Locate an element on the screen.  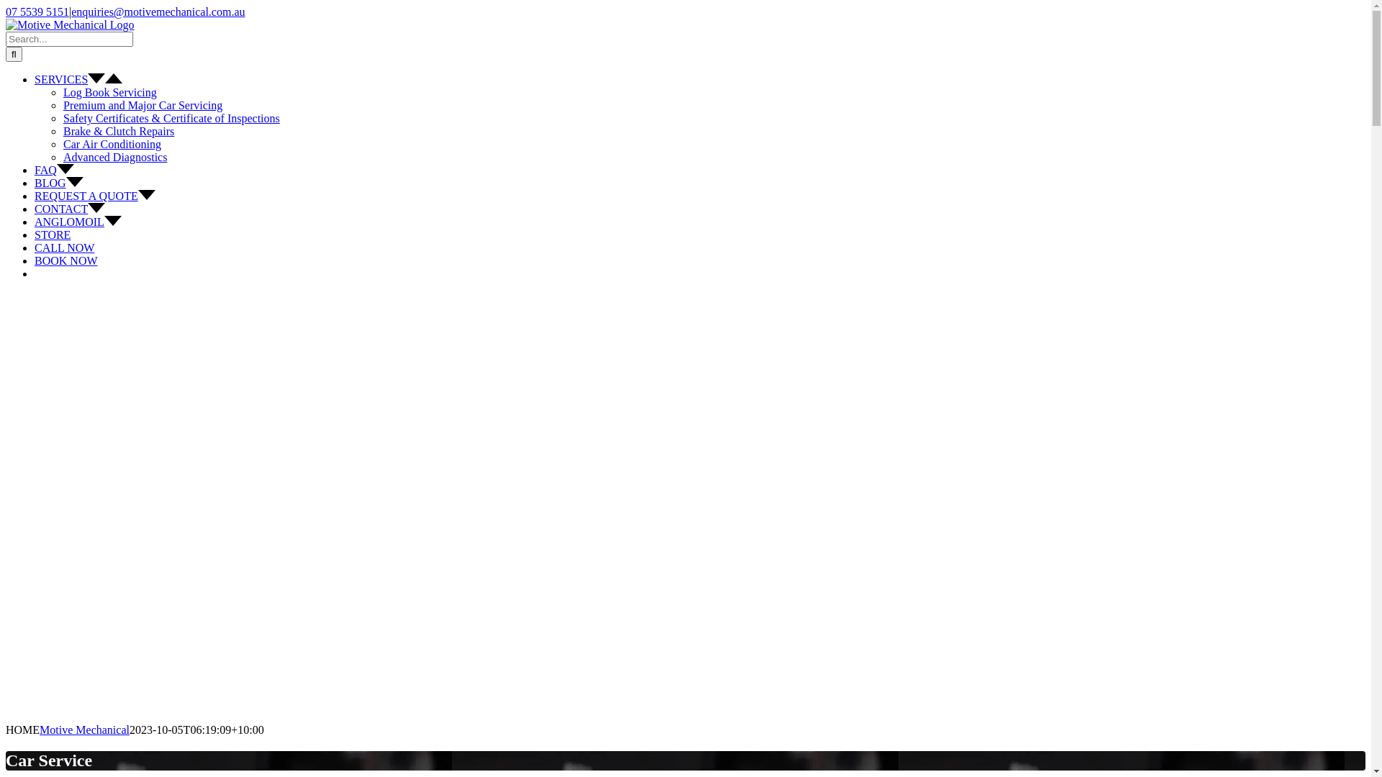
'SERVICES' is located at coordinates (78, 79).